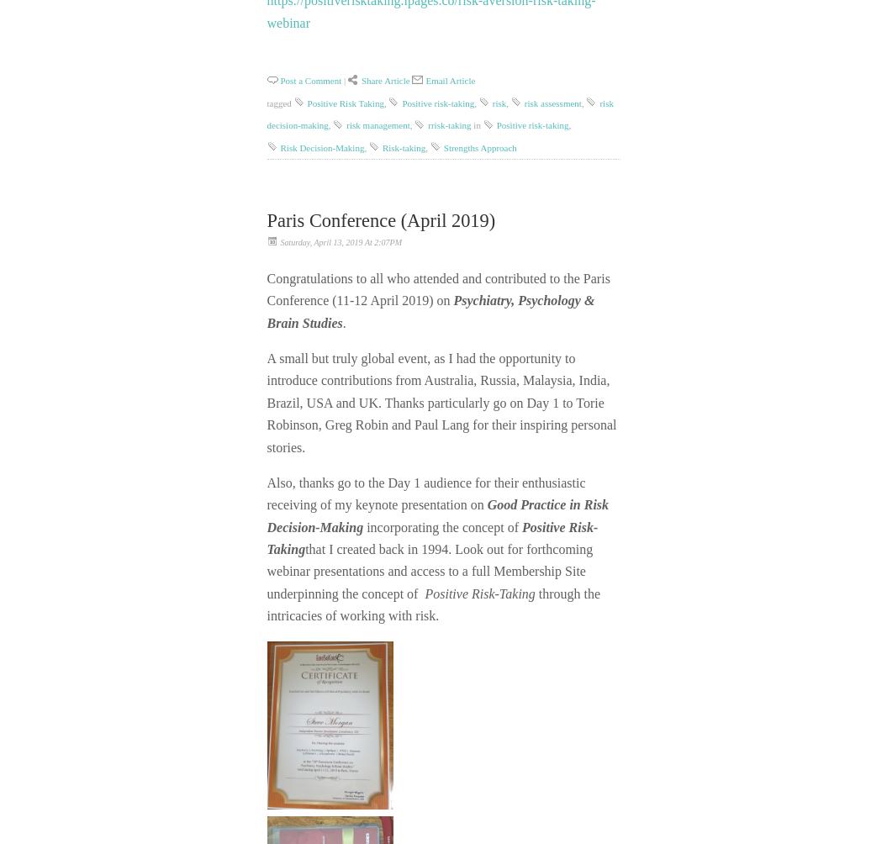 The image size is (887, 844). What do you see at coordinates (341, 242) in the screenshot?
I see `'Saturday, April 13, 2019 at 2:07PM'` at bounding box center [341, 242].